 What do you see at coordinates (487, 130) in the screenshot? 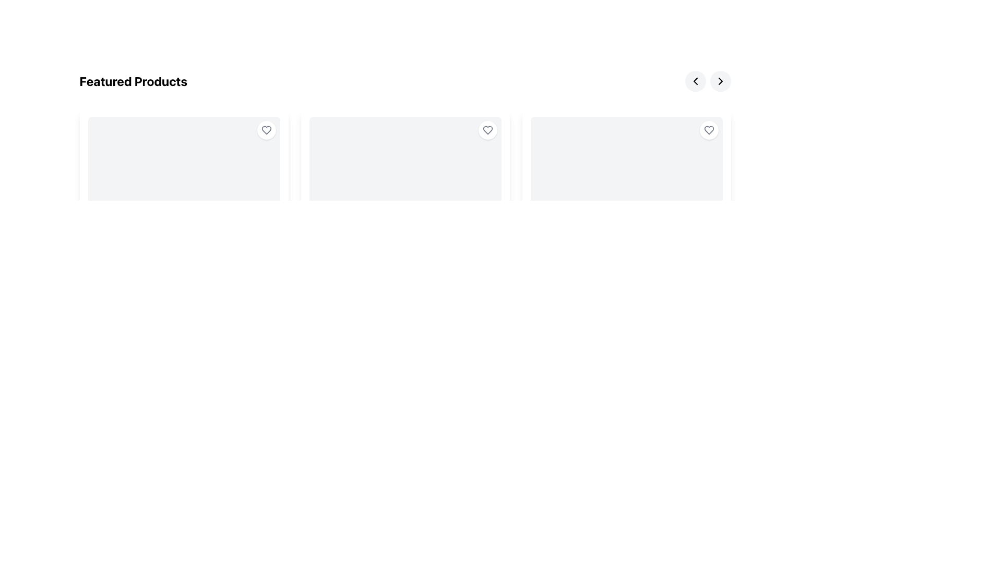
I see `the heart icon within the 'Favorite' button located at the top-right corner of the card in the 'Featured Products' section` at bounding box center [487, 130].